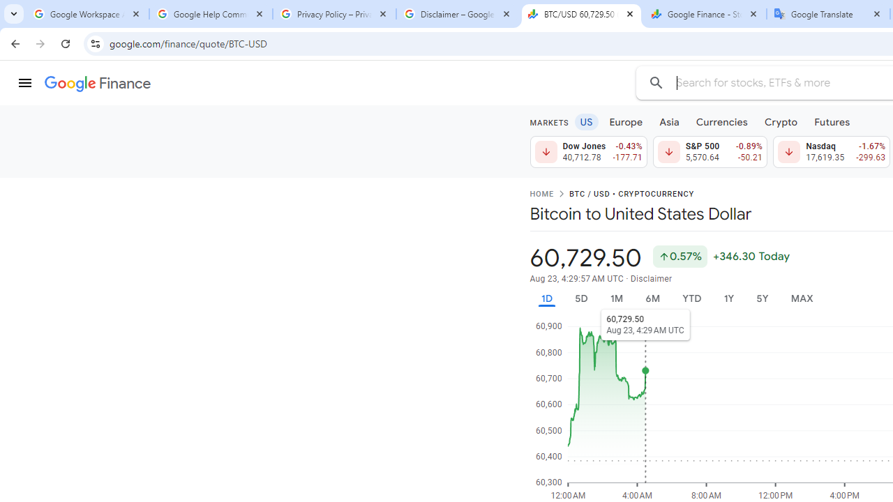 This screenshot has height=502, width=893. Describe the element at coordinates (832, 121) in the screenshot. I see `'Futures'` at that location.